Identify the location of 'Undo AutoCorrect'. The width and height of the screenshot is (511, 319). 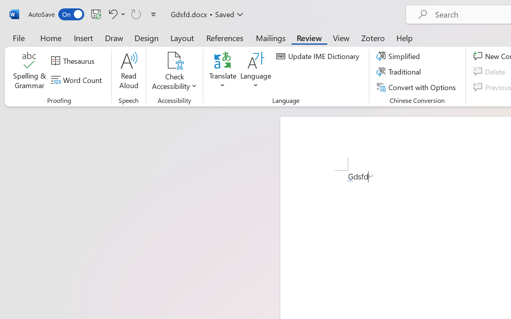
(111, 14).